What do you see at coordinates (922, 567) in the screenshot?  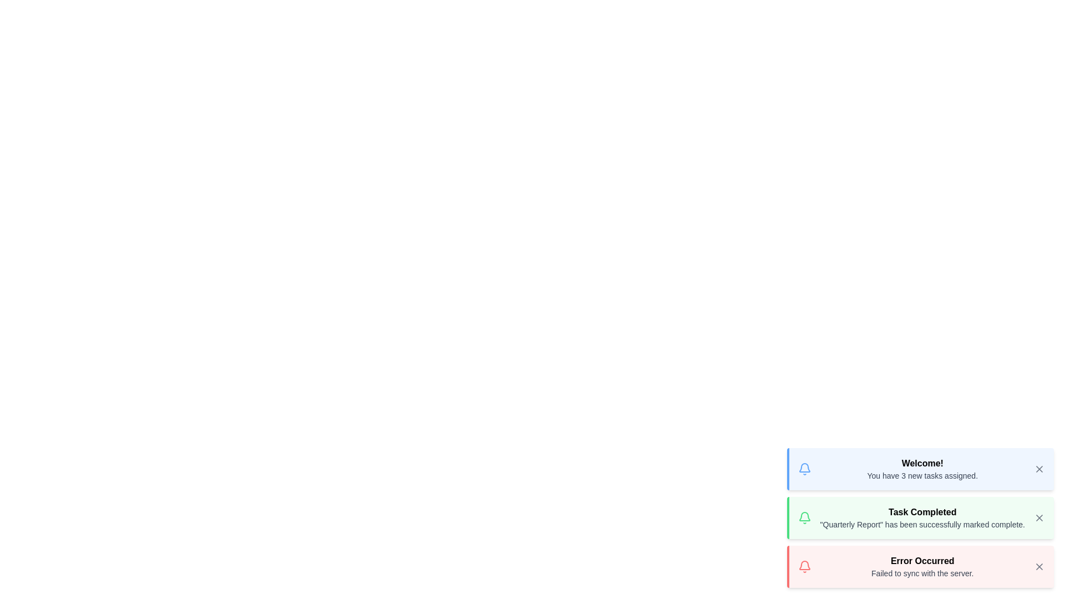 I see `the error notification message that displays server synchronization failure, located in the bottom-right corner of the interface` at bounding box center [922, 567].